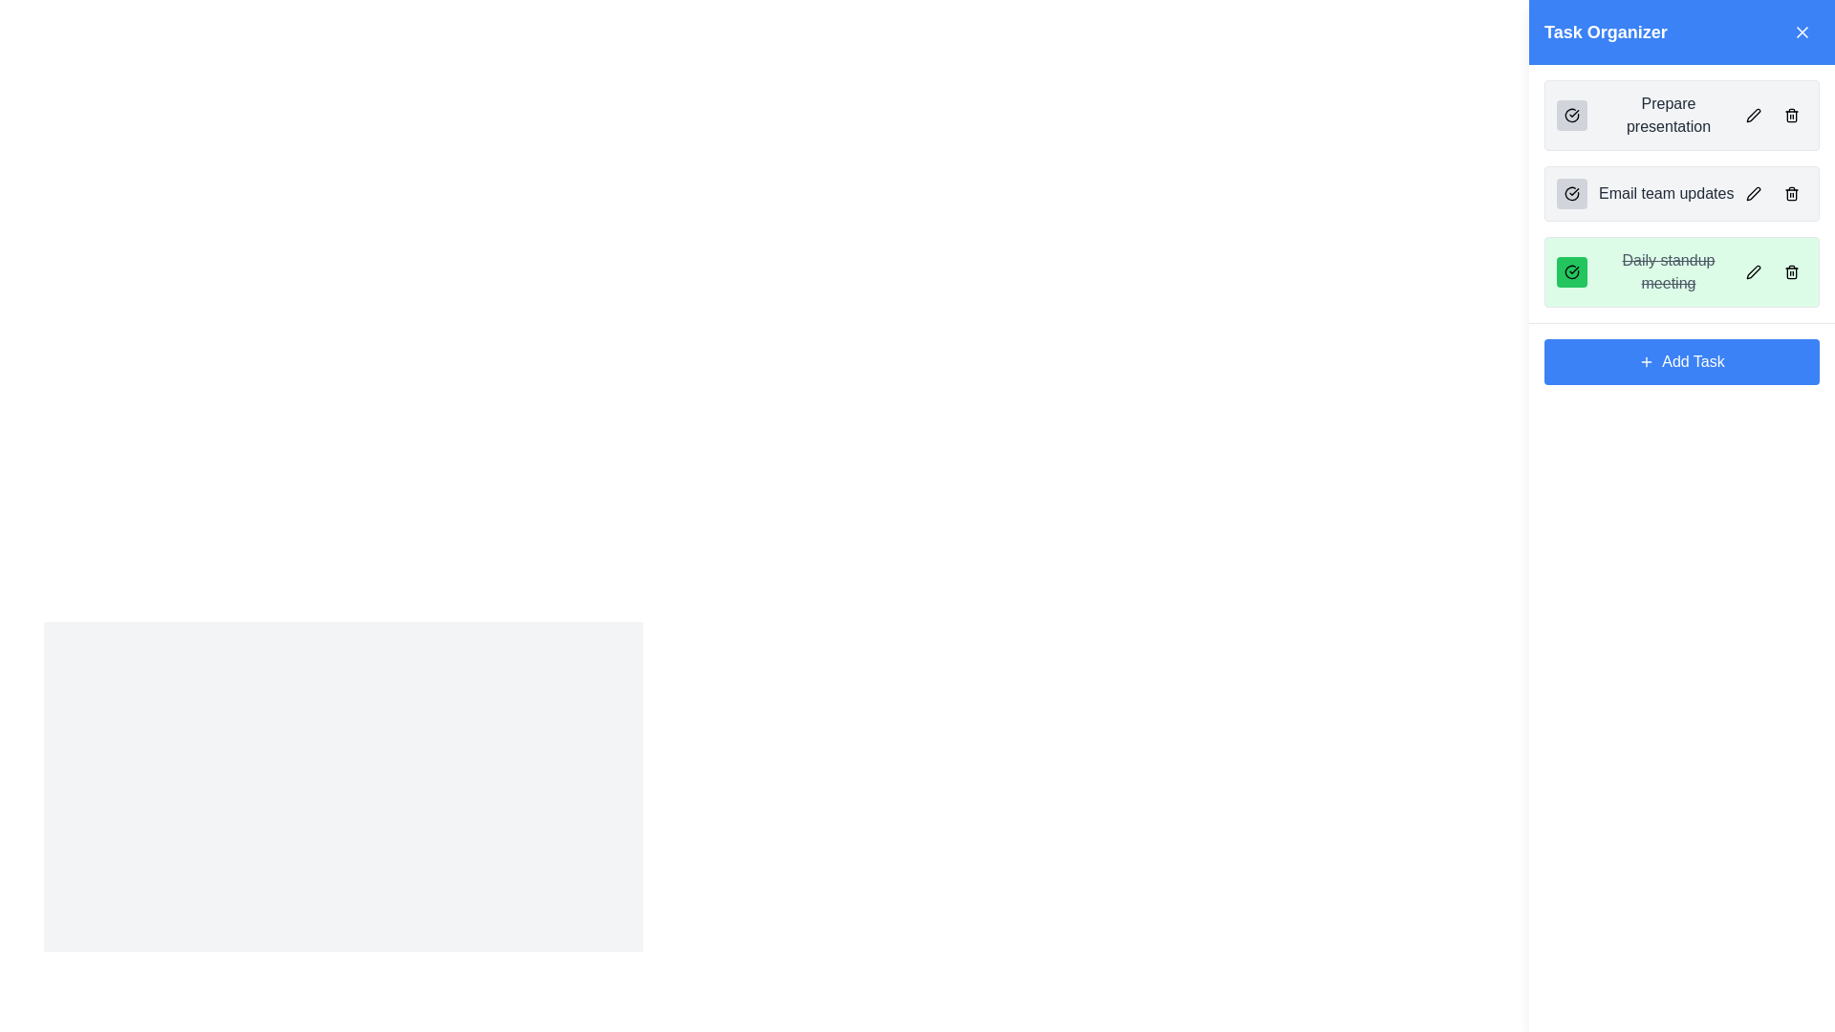 Image resolution: width=1835 pixels, height=1032 pixels. Describe the element at coordinates (1753, 272) in the screenshot. I see `the pen icon next to the 'Daily standup meeting' task` at that location.